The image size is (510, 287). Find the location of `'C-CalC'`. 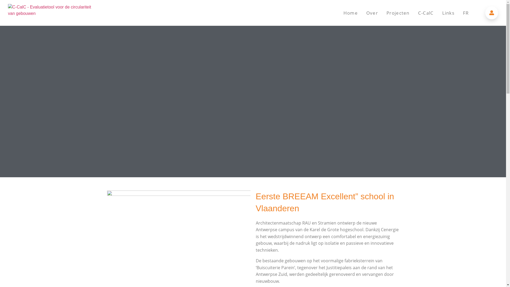

'C-CalC' is located at coordinates (414, 13).